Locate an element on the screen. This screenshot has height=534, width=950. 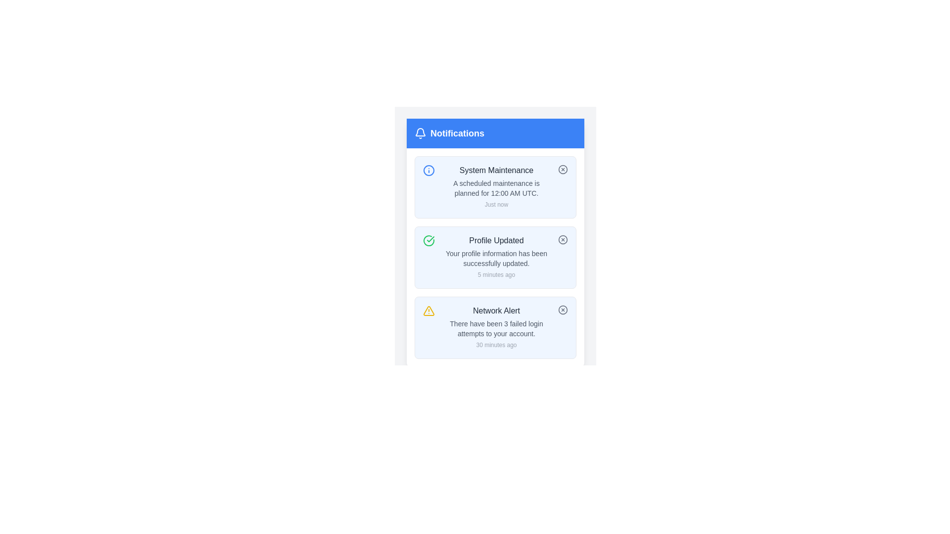
the empty circular icon located in the third notification item of the list, near its right edge is located at coordinates (563, 310).